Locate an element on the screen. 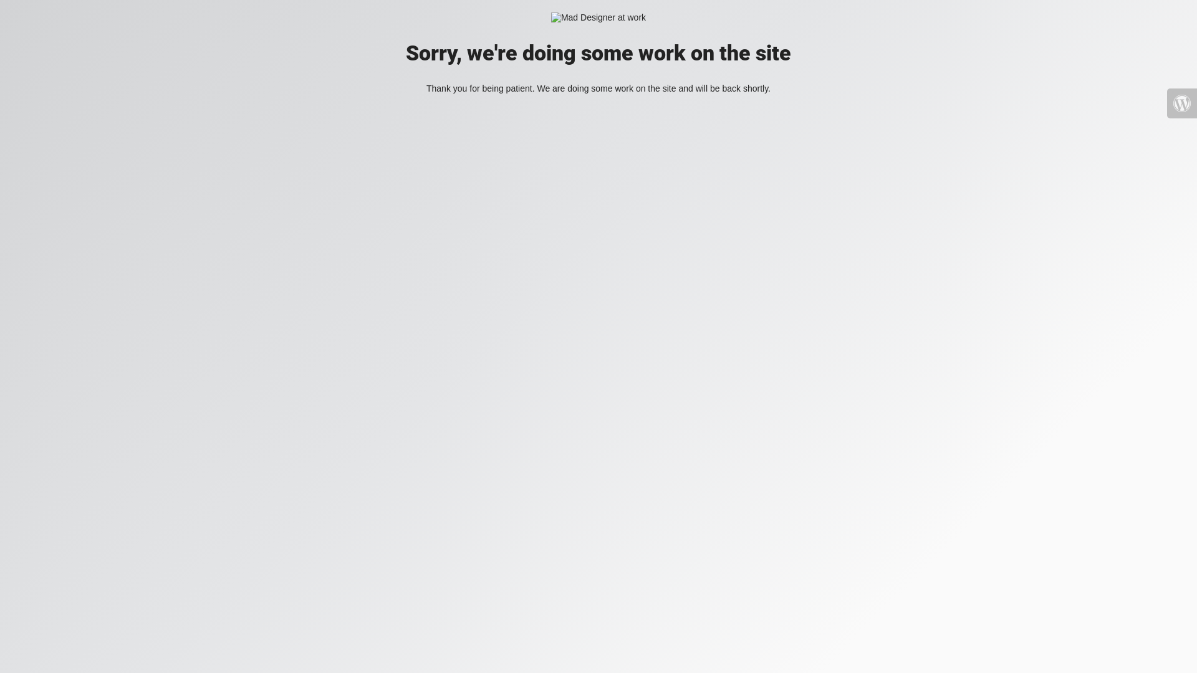 Image resolution: width=1197 pixels, height=673 pixels. 'Mad Designer at work' is located at coordinates (598, 17).